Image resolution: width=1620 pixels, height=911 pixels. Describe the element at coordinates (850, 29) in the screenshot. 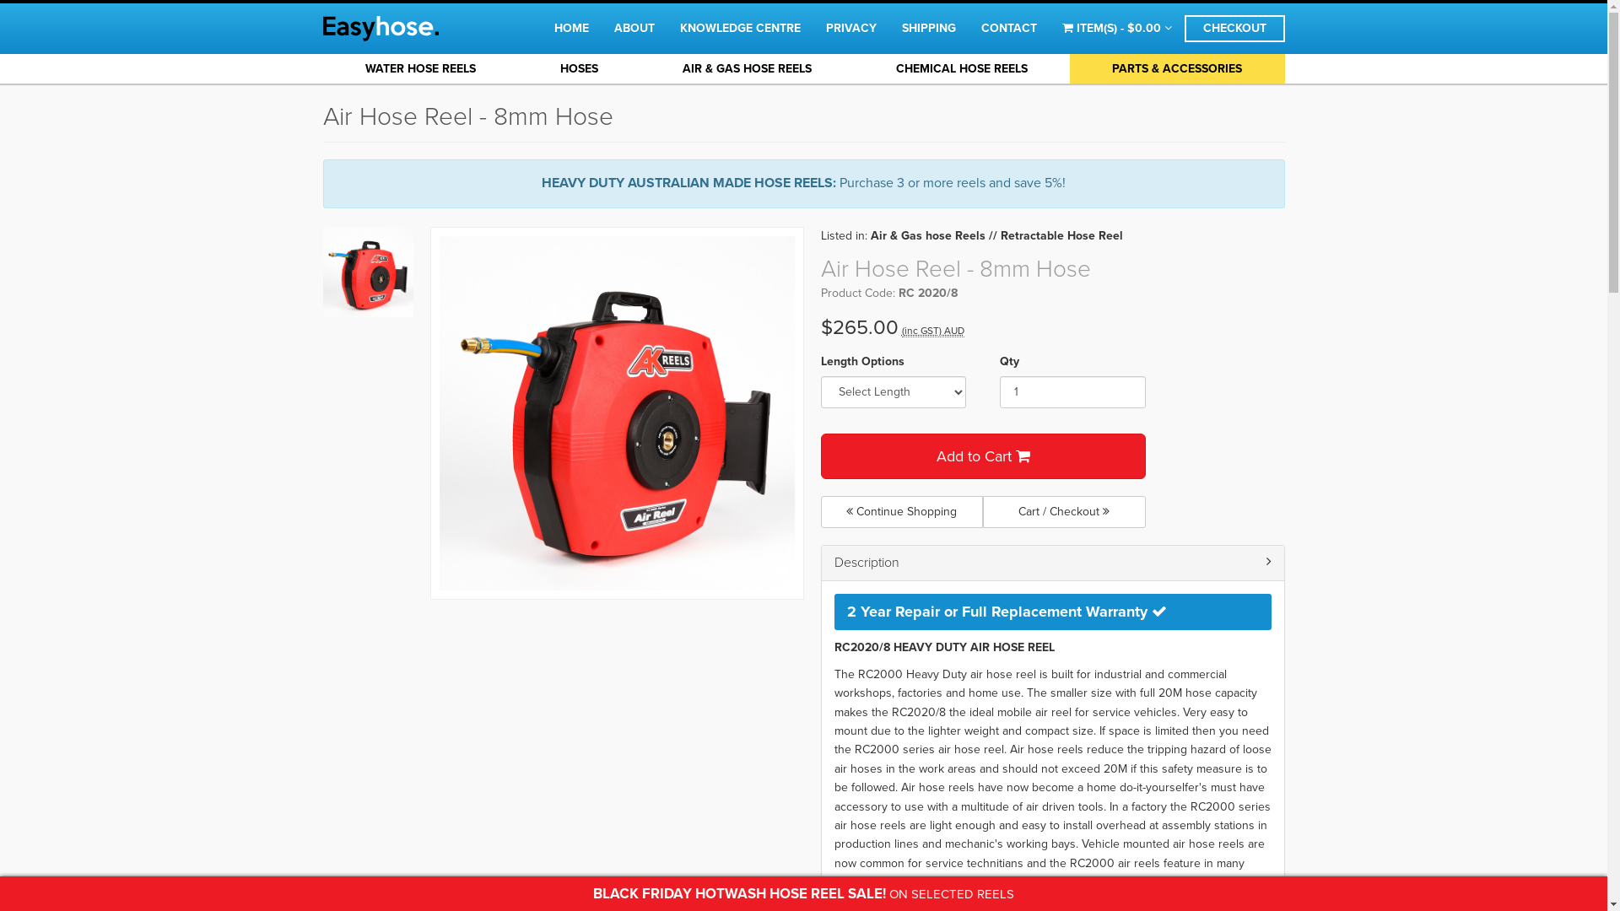

I see `'PRIVACY'` at that location.